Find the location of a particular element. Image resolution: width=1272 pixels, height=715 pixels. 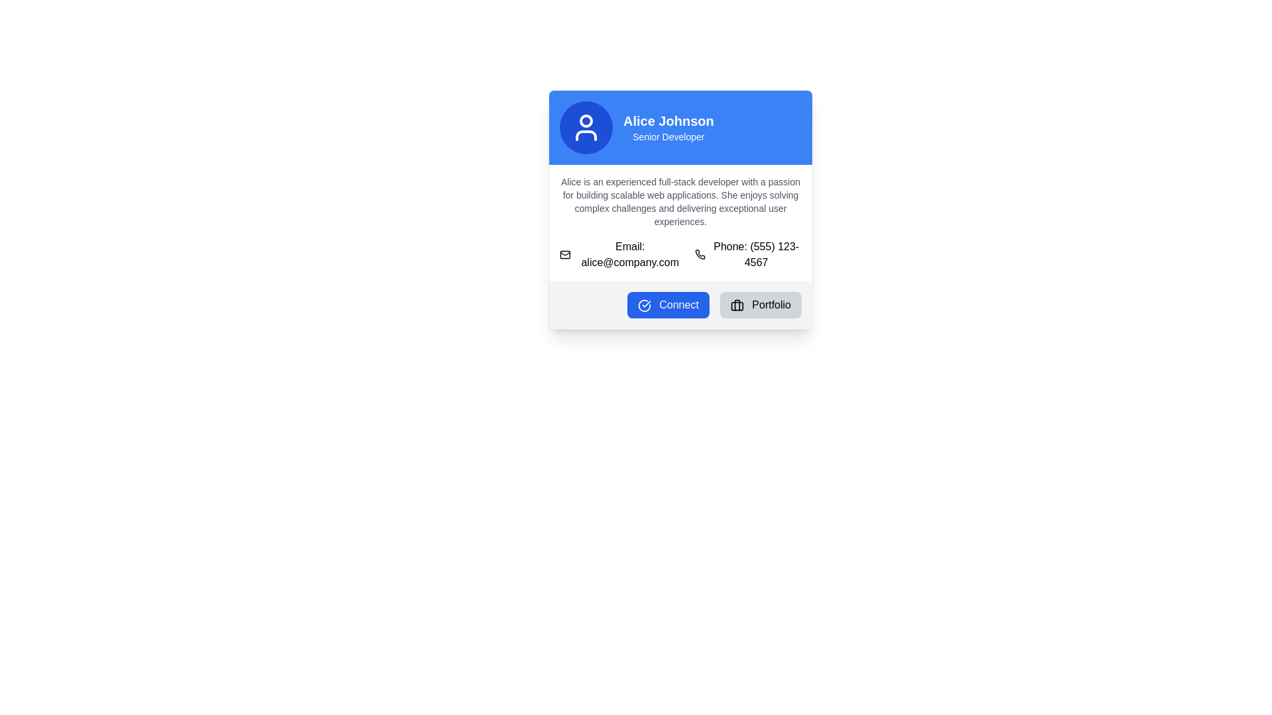

the static content element displaying the phone number 'Phone: (555) 123-4567' located to the right of the email label is located at coordinates (748, 255).